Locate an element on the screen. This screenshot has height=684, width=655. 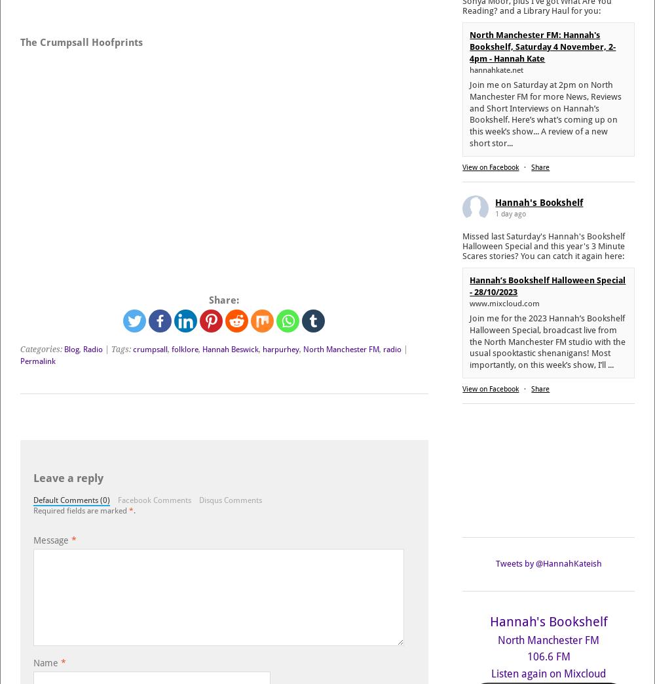
'Hannah's Bookshelf' is located at coordinates (548, 620).